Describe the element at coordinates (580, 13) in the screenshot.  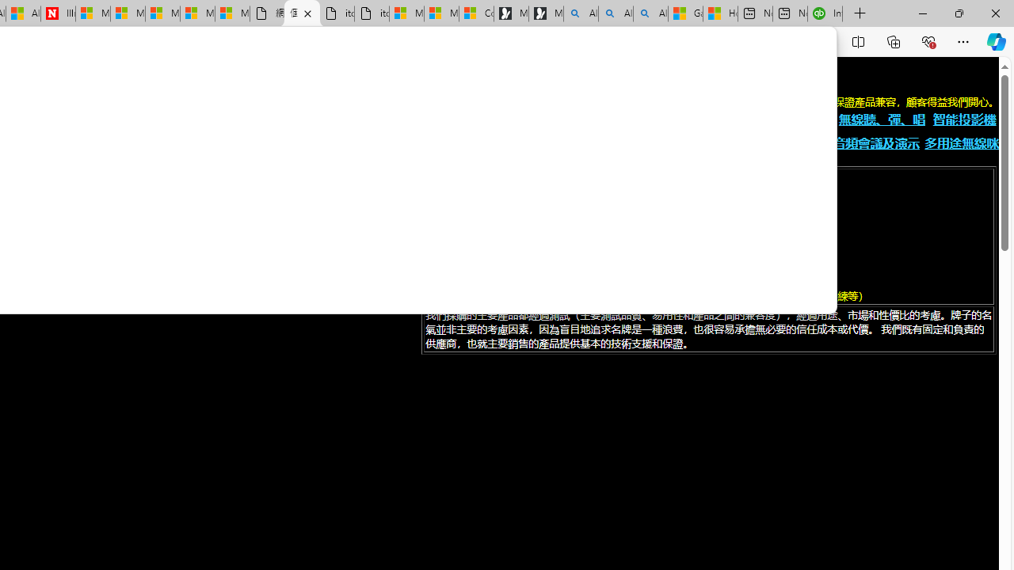
I see `'Alabama high school quarterback dies - Search'` at that location.